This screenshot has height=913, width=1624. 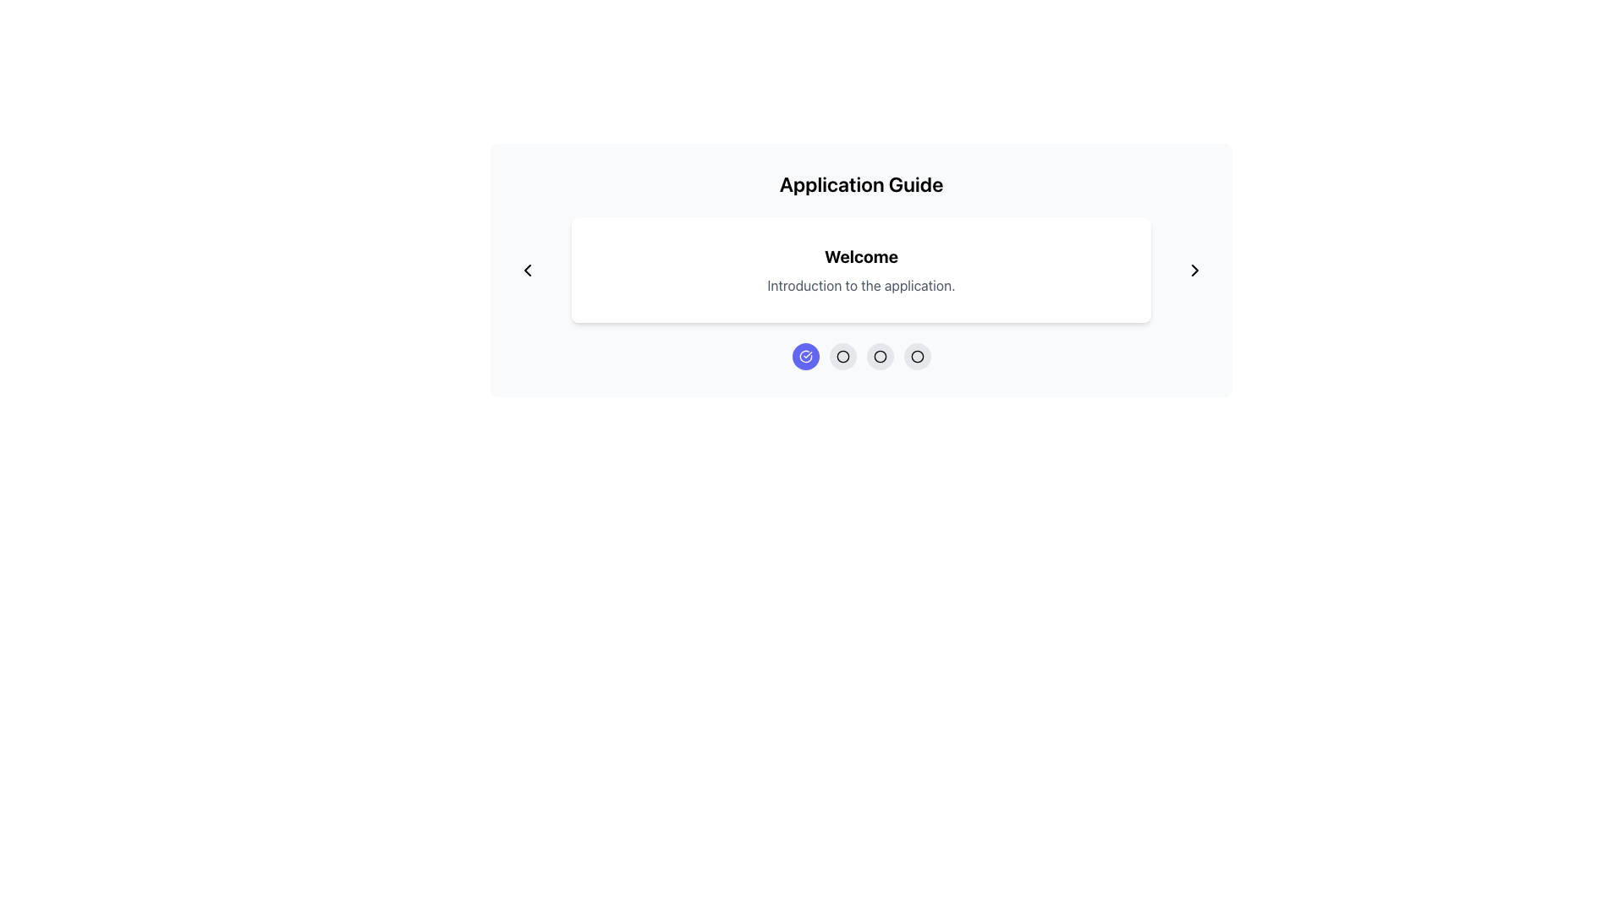 What do you see at coordinates (880, 355) in the screenshot?
I see `the inner Circle SVG shape that serves as a focus indicator among navigation dots in the bottom navigation area` at bounding box center [880, 355].